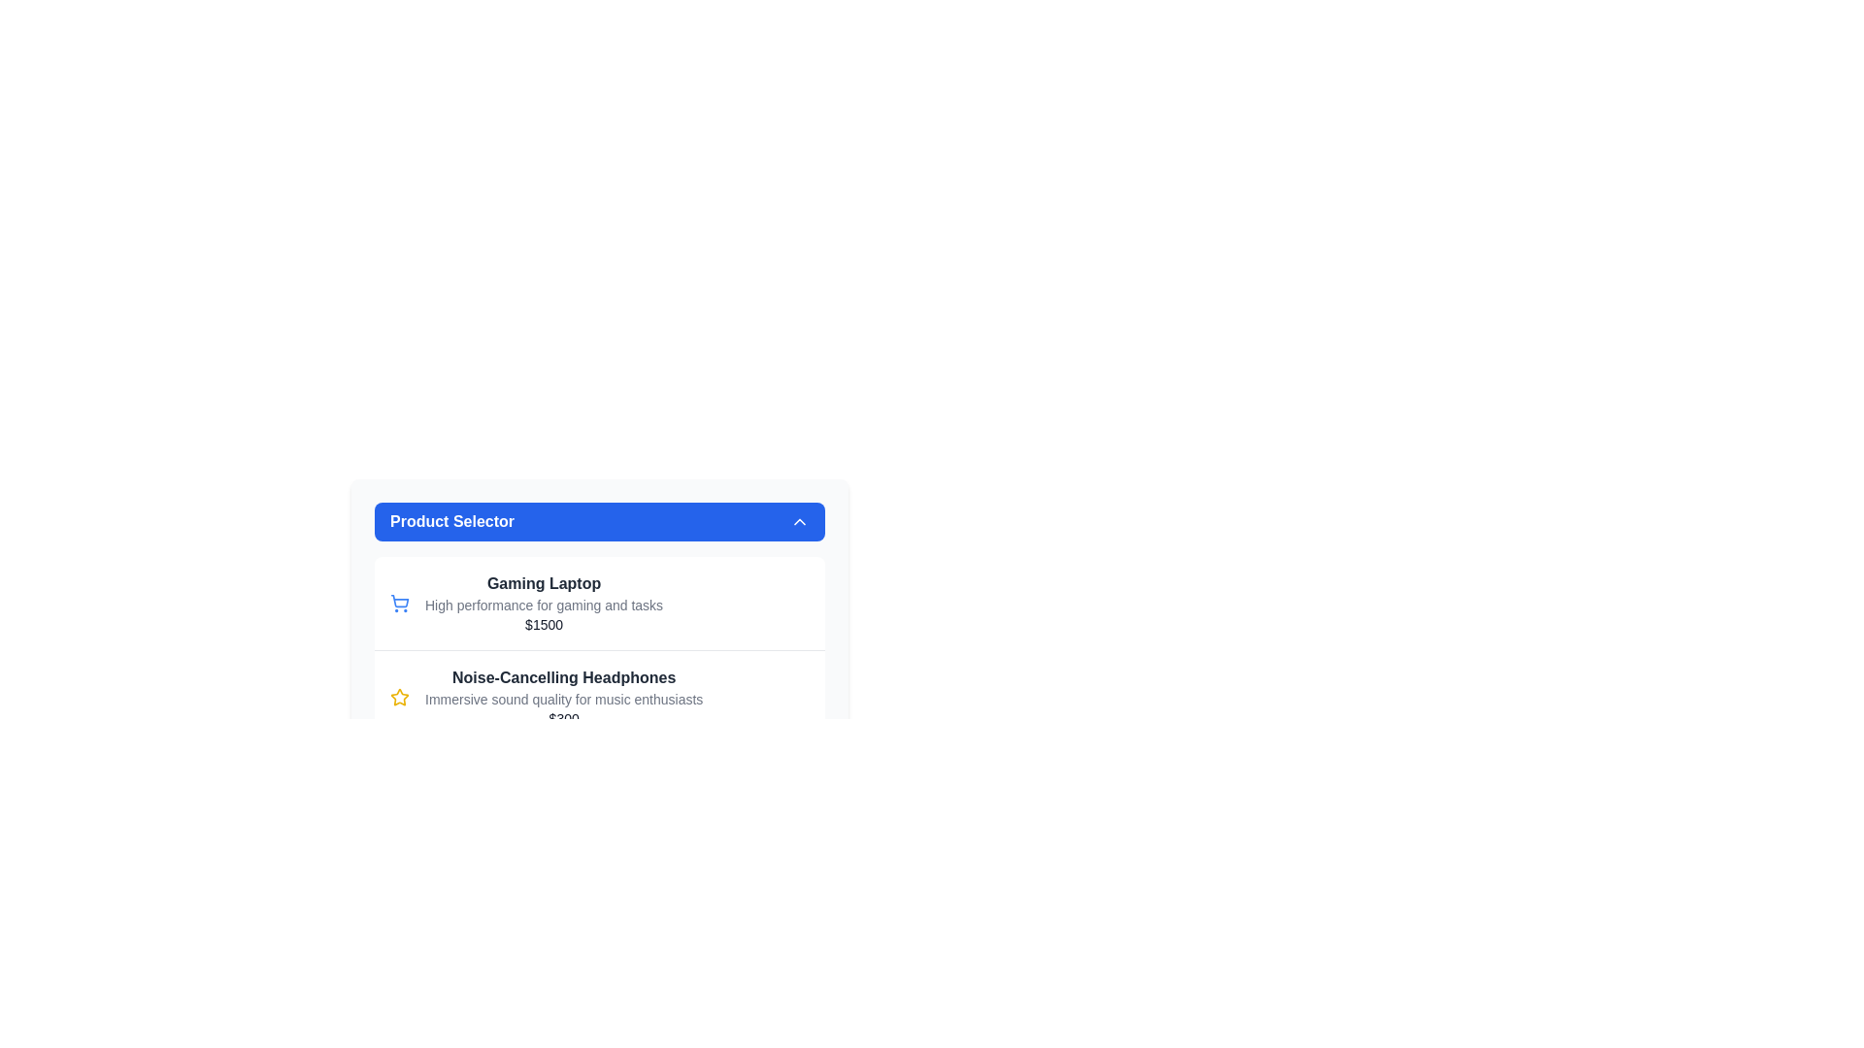  What do you see at coordinates (800, 520) in the screenshot?
I see `the chevron icon located at the right end of the 'Product Selector' header to trigger any potential effects, such as tooltips` at bounding box center [800, 520].